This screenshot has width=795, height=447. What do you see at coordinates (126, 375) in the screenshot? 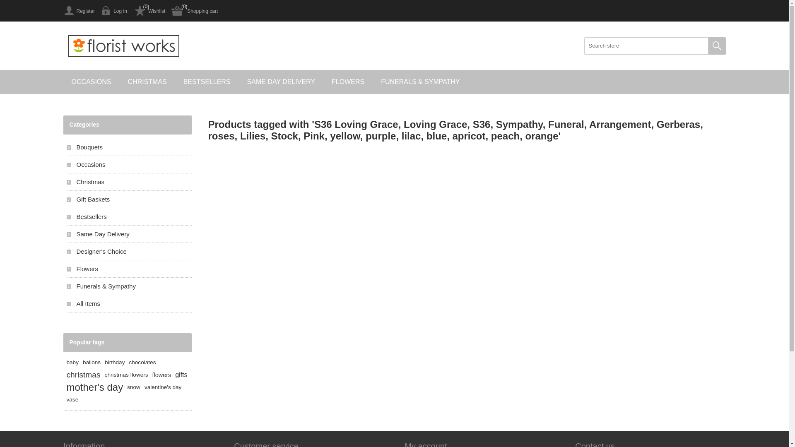
I see `'christmas flowers'` at bounding box center [126, 375].